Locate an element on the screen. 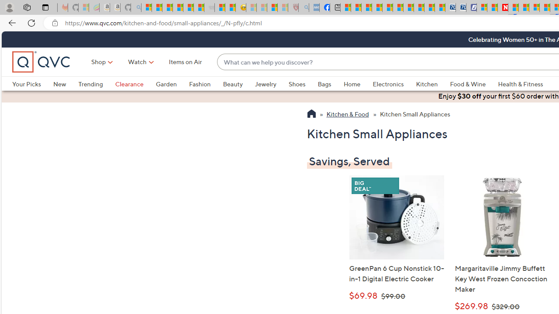  'Latest Politics News & Archive | Newsweek.com' is located at coordinates (503, 7).